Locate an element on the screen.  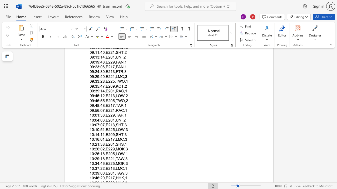
the subset text ":03,E201,UN" within the text "10:04:03,E201,UNI,2" is located at coordinates (99, 120).